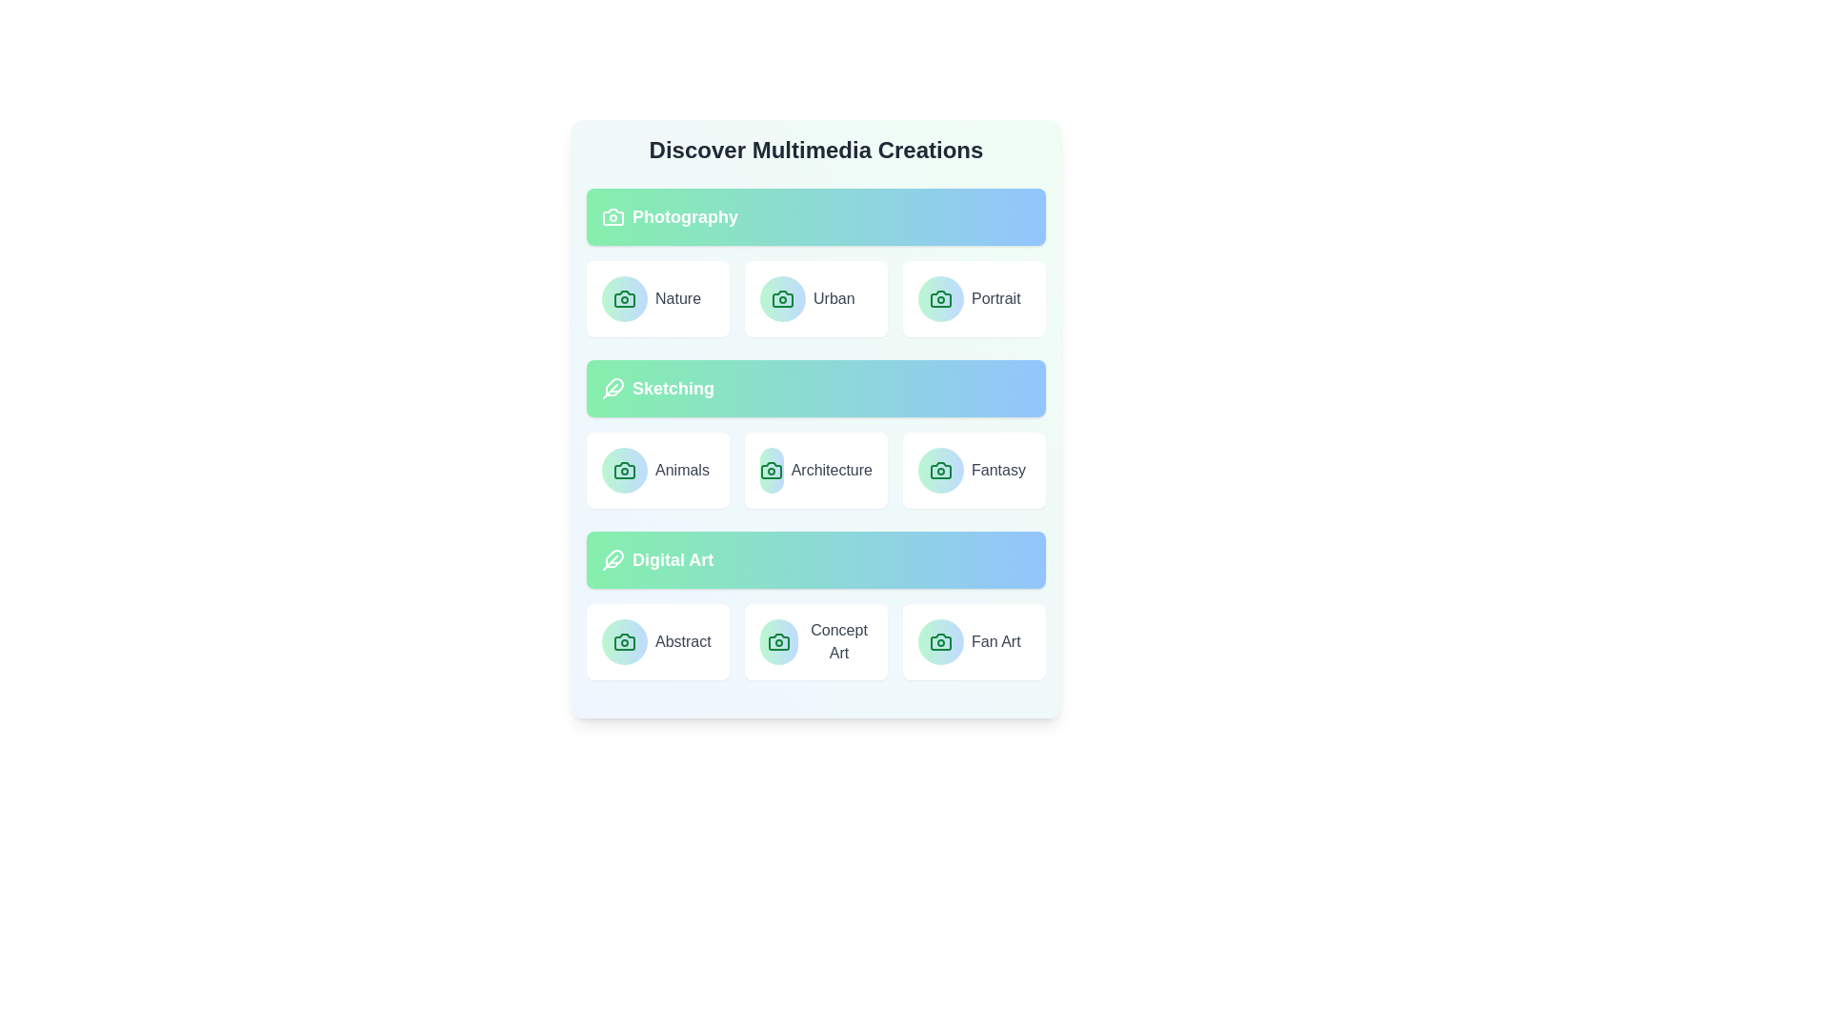  I want to click on the item labeled Fantasy, so click(974, 470).